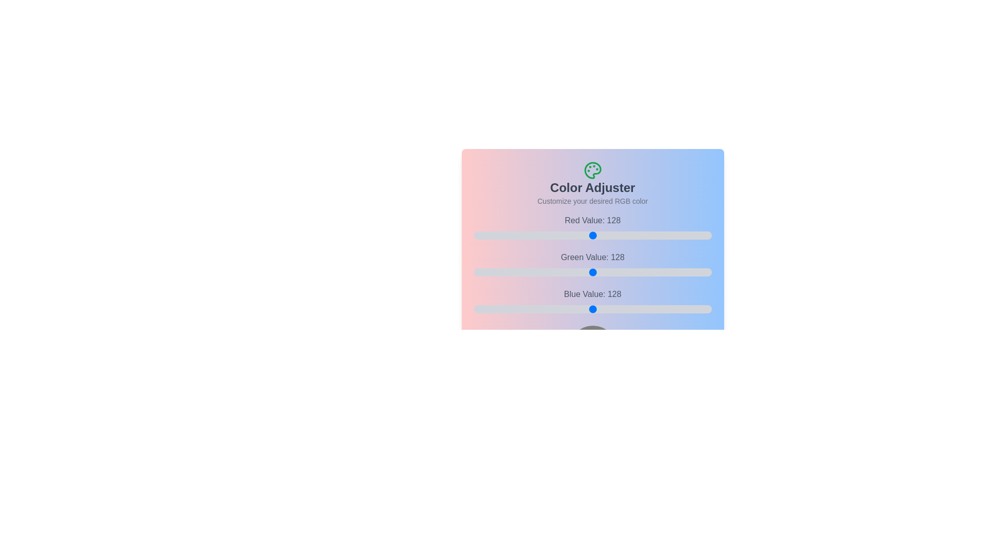 The height and width of the screenshot is (553, 984). What do you see at coordinates (649, 235) in the screenshot?
I see `the 0 slider to 122` at bounding box center [649, 235].